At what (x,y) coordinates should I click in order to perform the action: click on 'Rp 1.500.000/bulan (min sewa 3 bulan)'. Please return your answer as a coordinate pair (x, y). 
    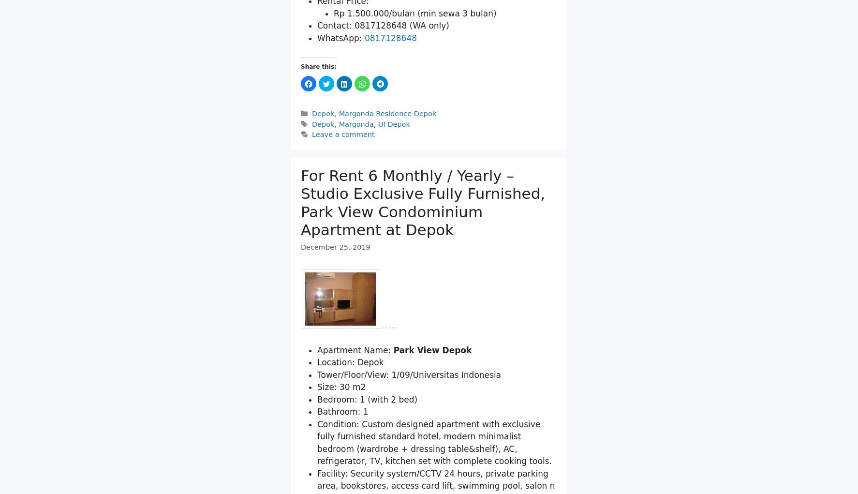
    Looking at the image, I should click on (334, 63).